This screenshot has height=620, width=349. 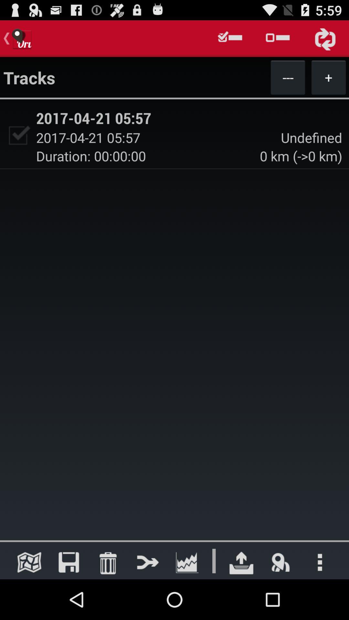 I want to click on the + item, so click(x=329, y=77).